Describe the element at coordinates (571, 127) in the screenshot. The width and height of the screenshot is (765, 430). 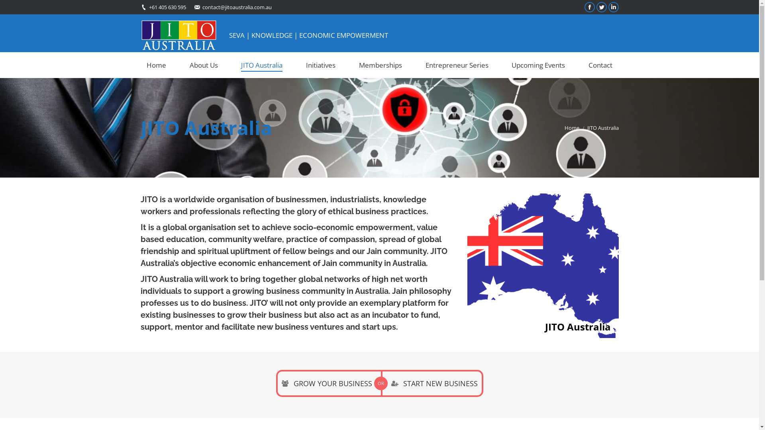
I see `'Home'` at that location.